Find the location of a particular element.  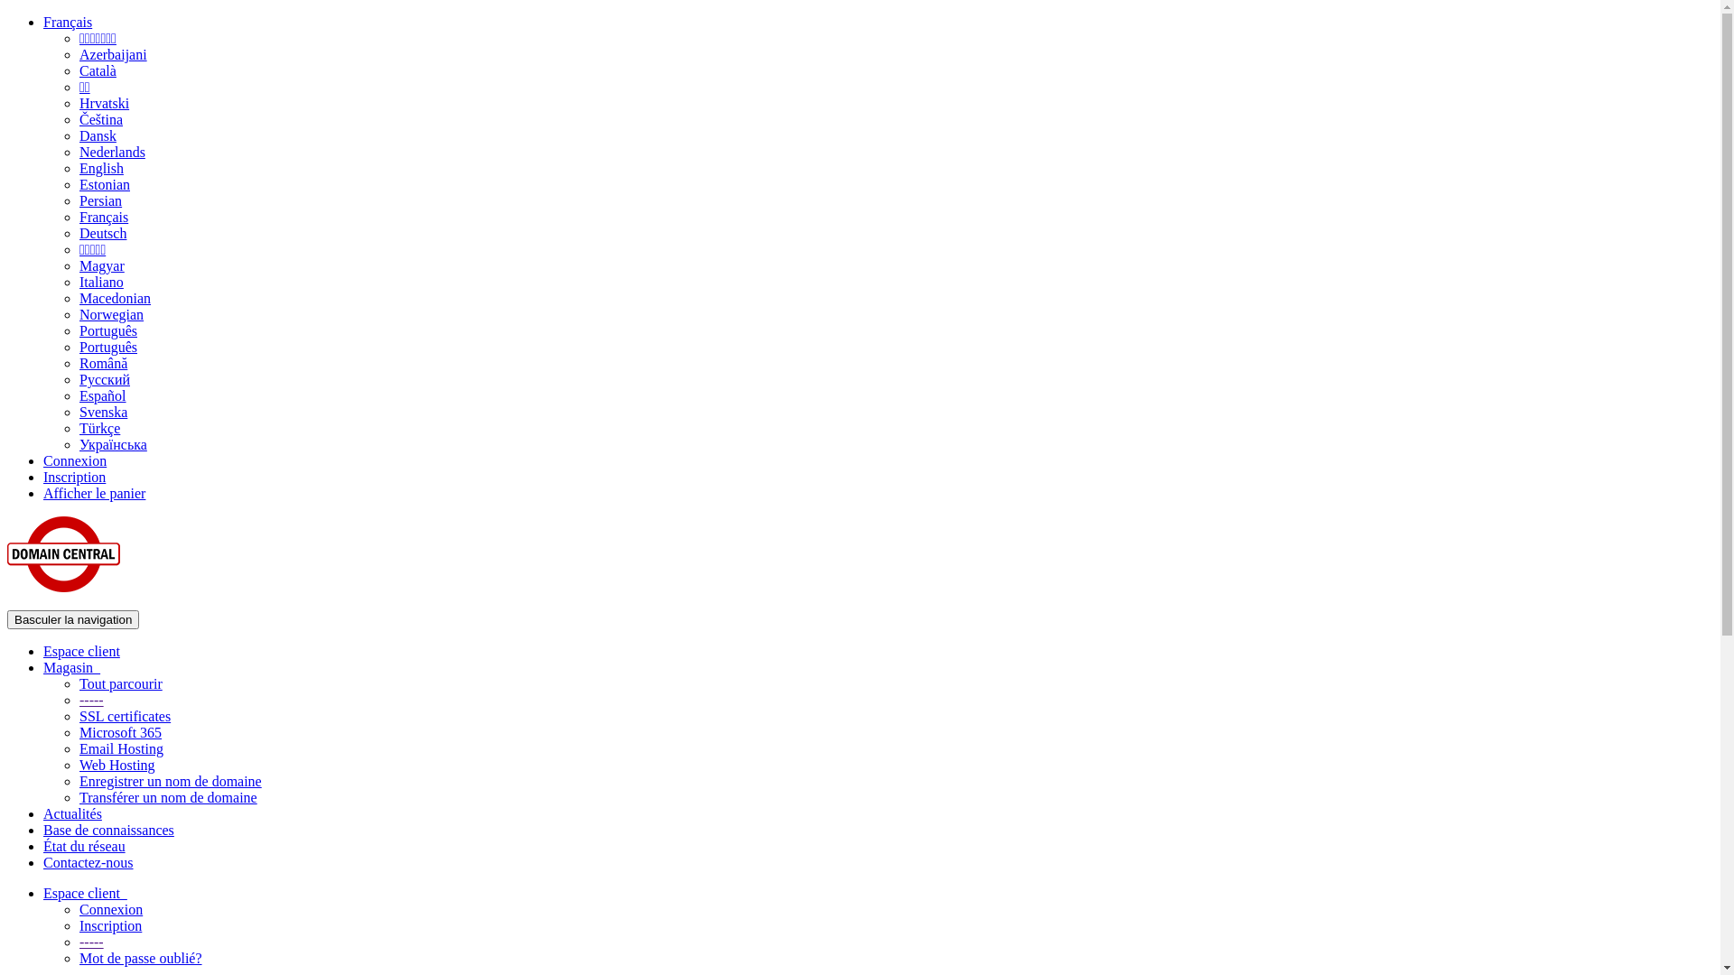

'Hrvatski' is located at coordinates (103, 103).